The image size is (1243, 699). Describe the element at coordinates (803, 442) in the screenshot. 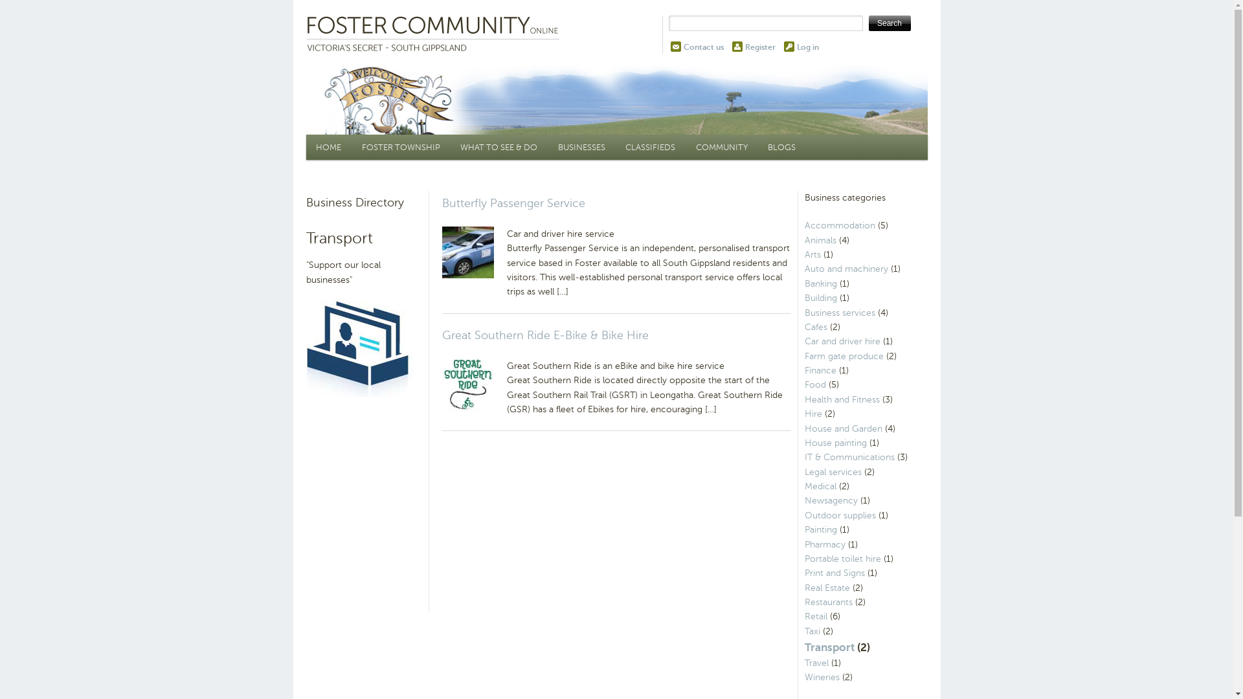

I see `'House painting'` at that location.